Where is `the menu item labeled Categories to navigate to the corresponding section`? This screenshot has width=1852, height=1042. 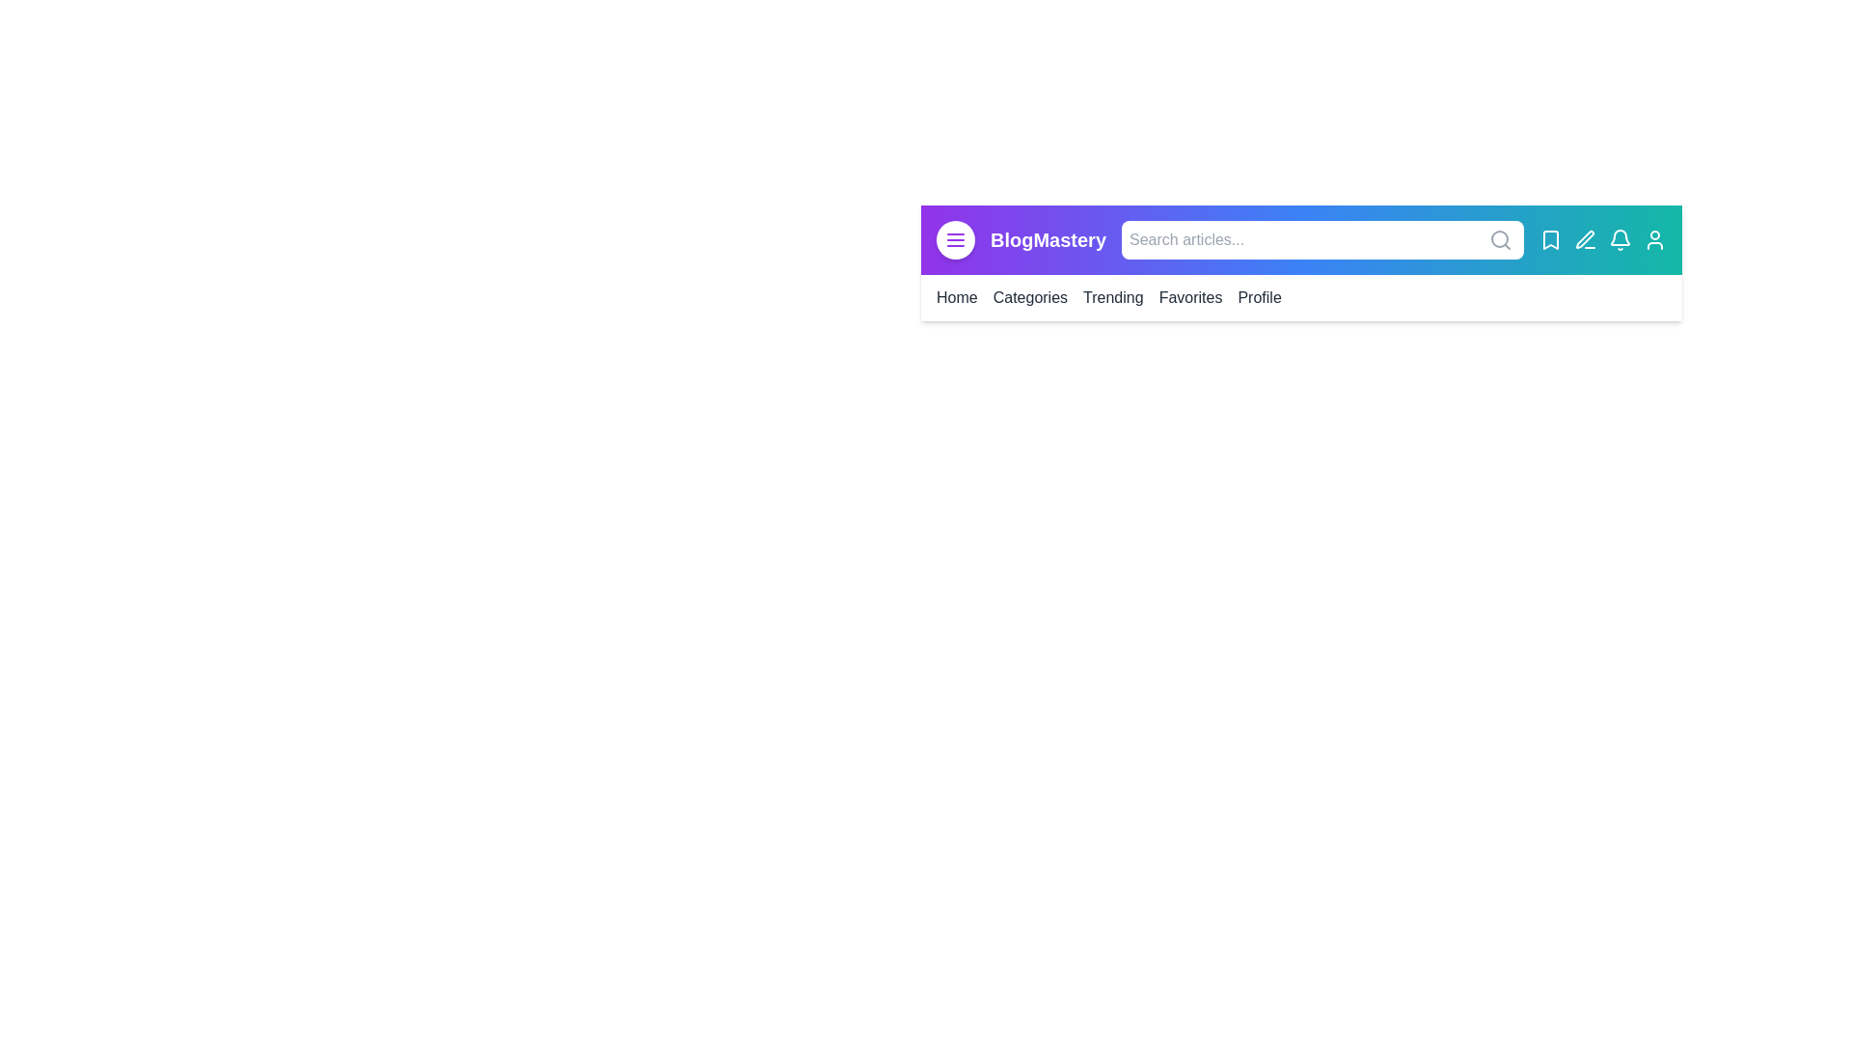 the menu item labeled Categories to navigate to the corresponding section is located at coordinates (1029, 297).